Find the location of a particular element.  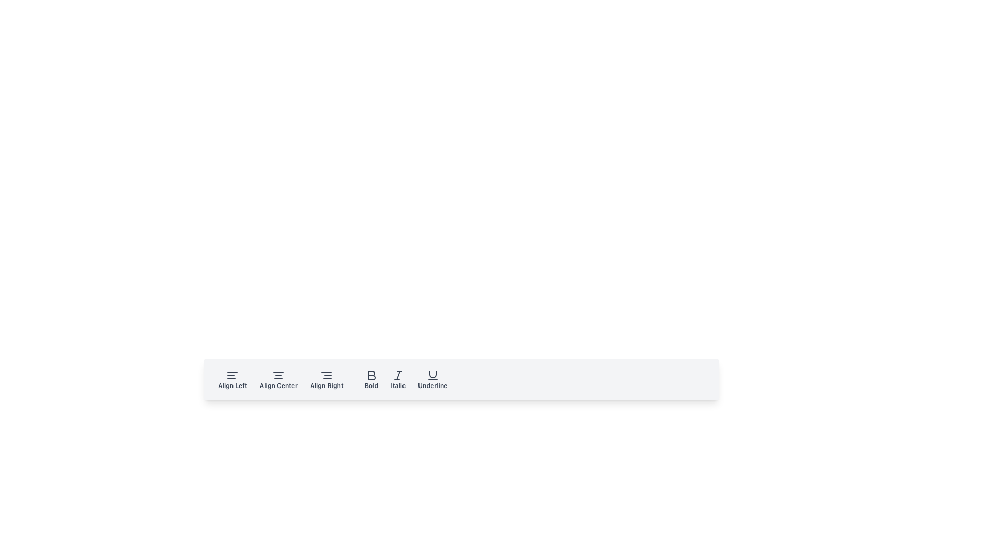

the bold-style icon button shaped as the letter 'B' is located at coordinates (371, 375).